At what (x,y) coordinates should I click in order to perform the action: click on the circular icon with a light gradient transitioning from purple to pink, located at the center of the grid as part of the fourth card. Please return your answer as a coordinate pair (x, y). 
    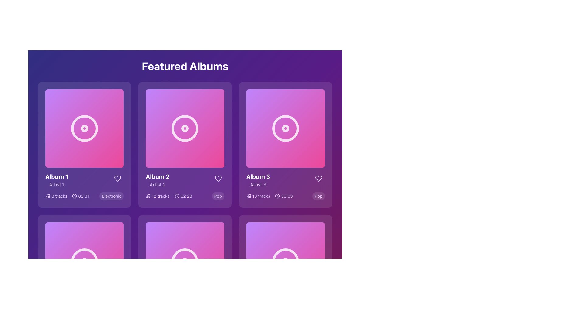
    Looking at the image, I should click on (185, 261).